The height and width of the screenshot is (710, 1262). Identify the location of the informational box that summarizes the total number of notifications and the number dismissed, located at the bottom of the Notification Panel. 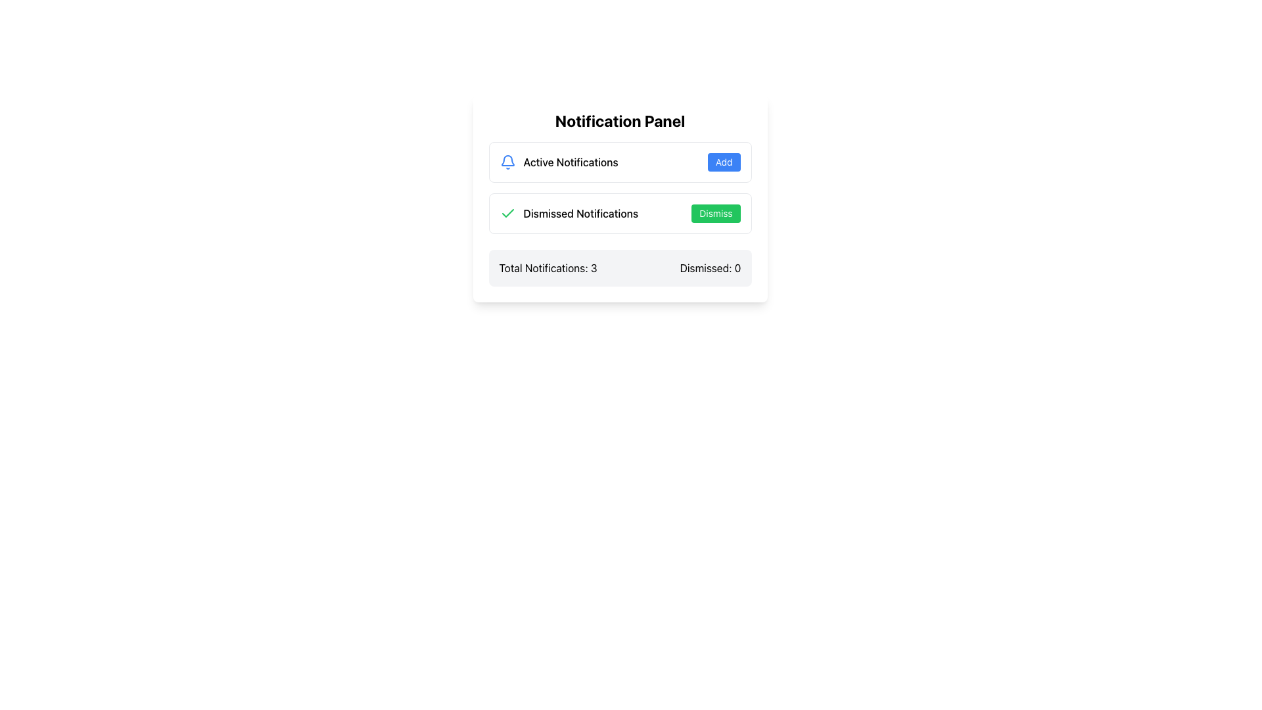
(619, 268).